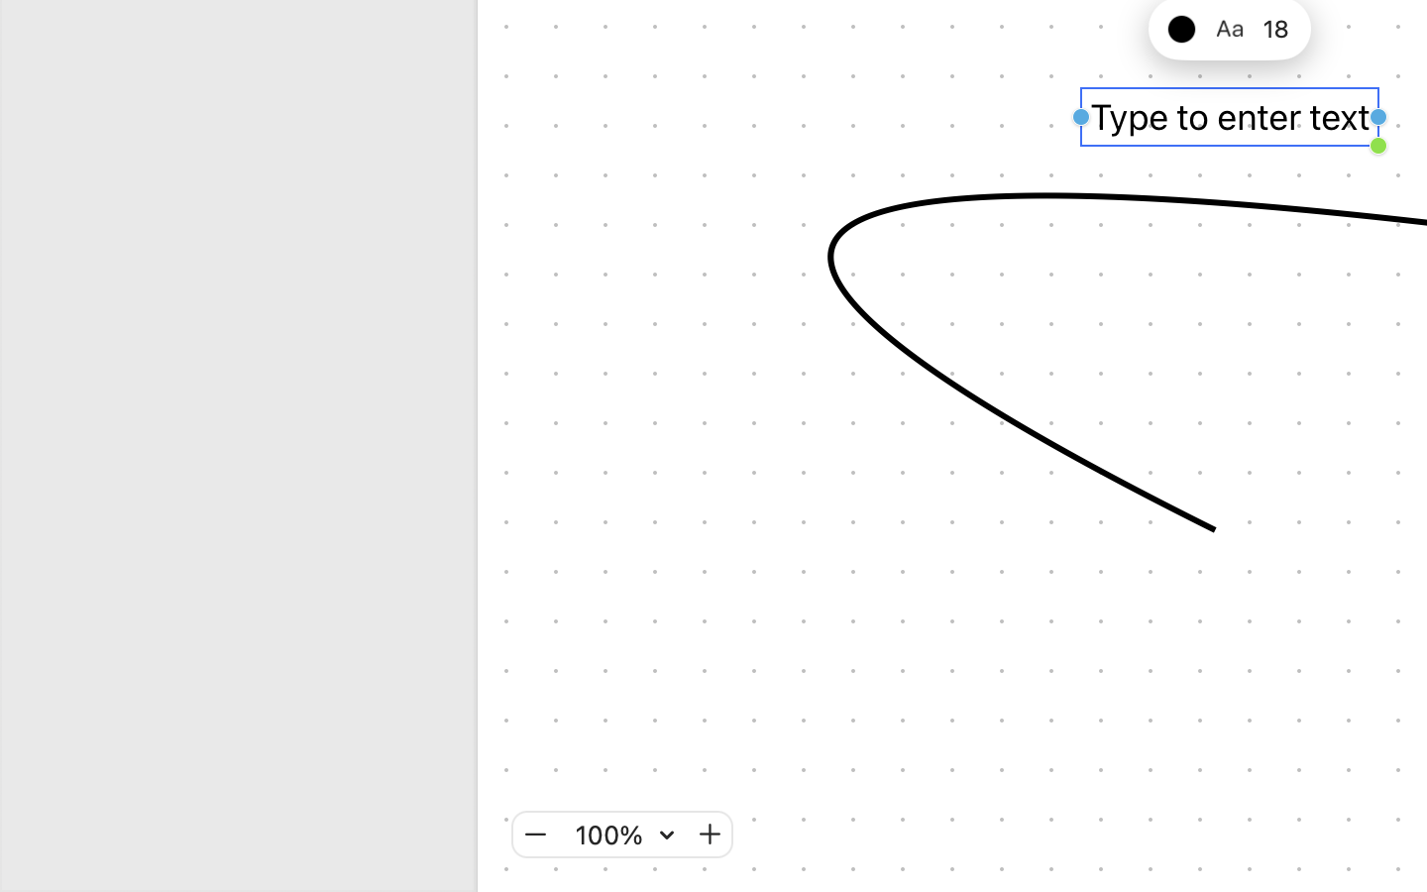  What do you see at coordinates (1181, 26) in the screenshot?
I see `'black'` at bounding box center [1181, 26].